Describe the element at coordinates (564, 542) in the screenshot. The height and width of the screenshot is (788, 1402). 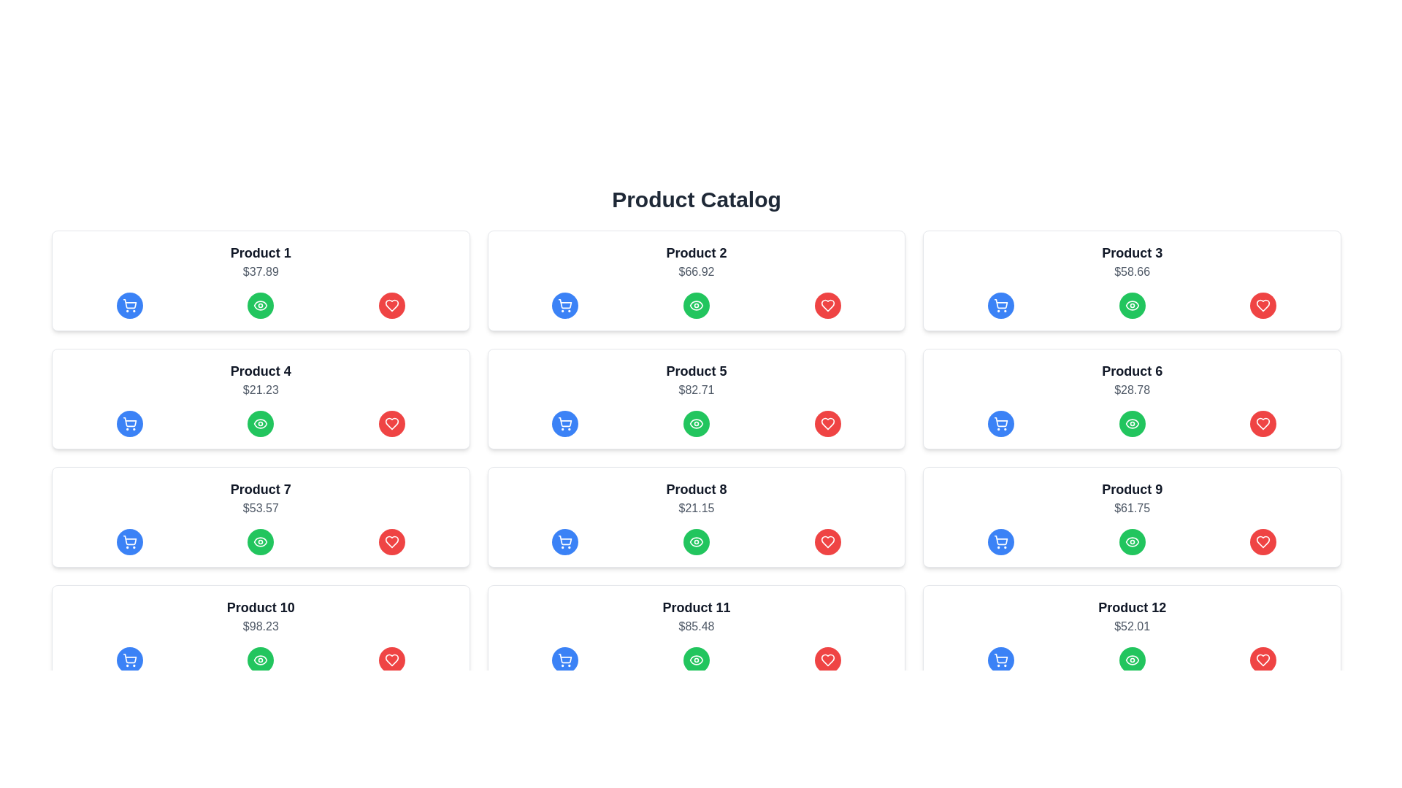
I see `the blue circular button with a shopping cart icon` at that location.